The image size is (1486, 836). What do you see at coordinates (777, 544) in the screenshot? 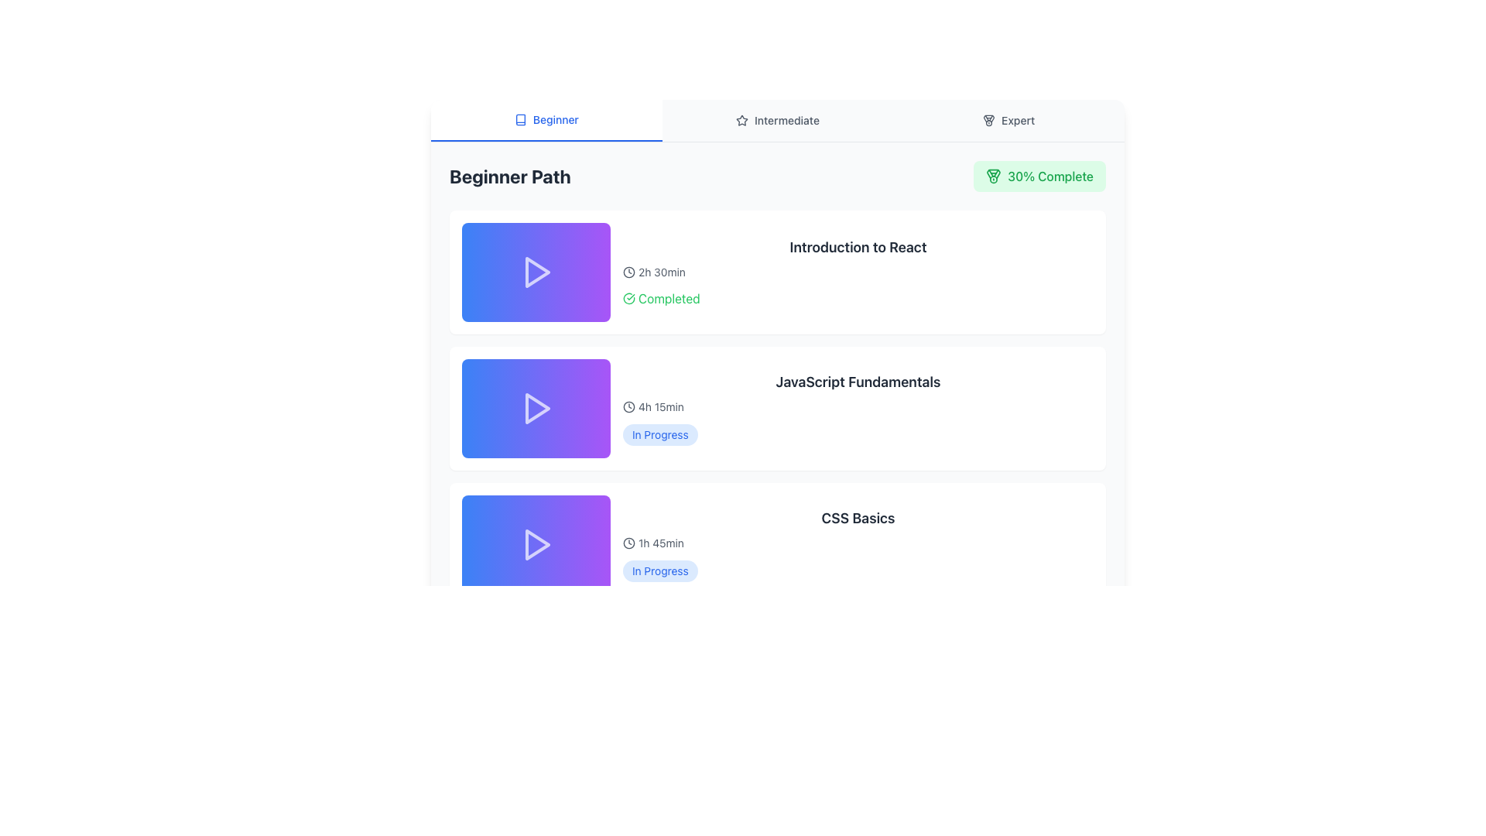
I see `the 'CSS Basics' clickable card` at bounding box center [777, 544].